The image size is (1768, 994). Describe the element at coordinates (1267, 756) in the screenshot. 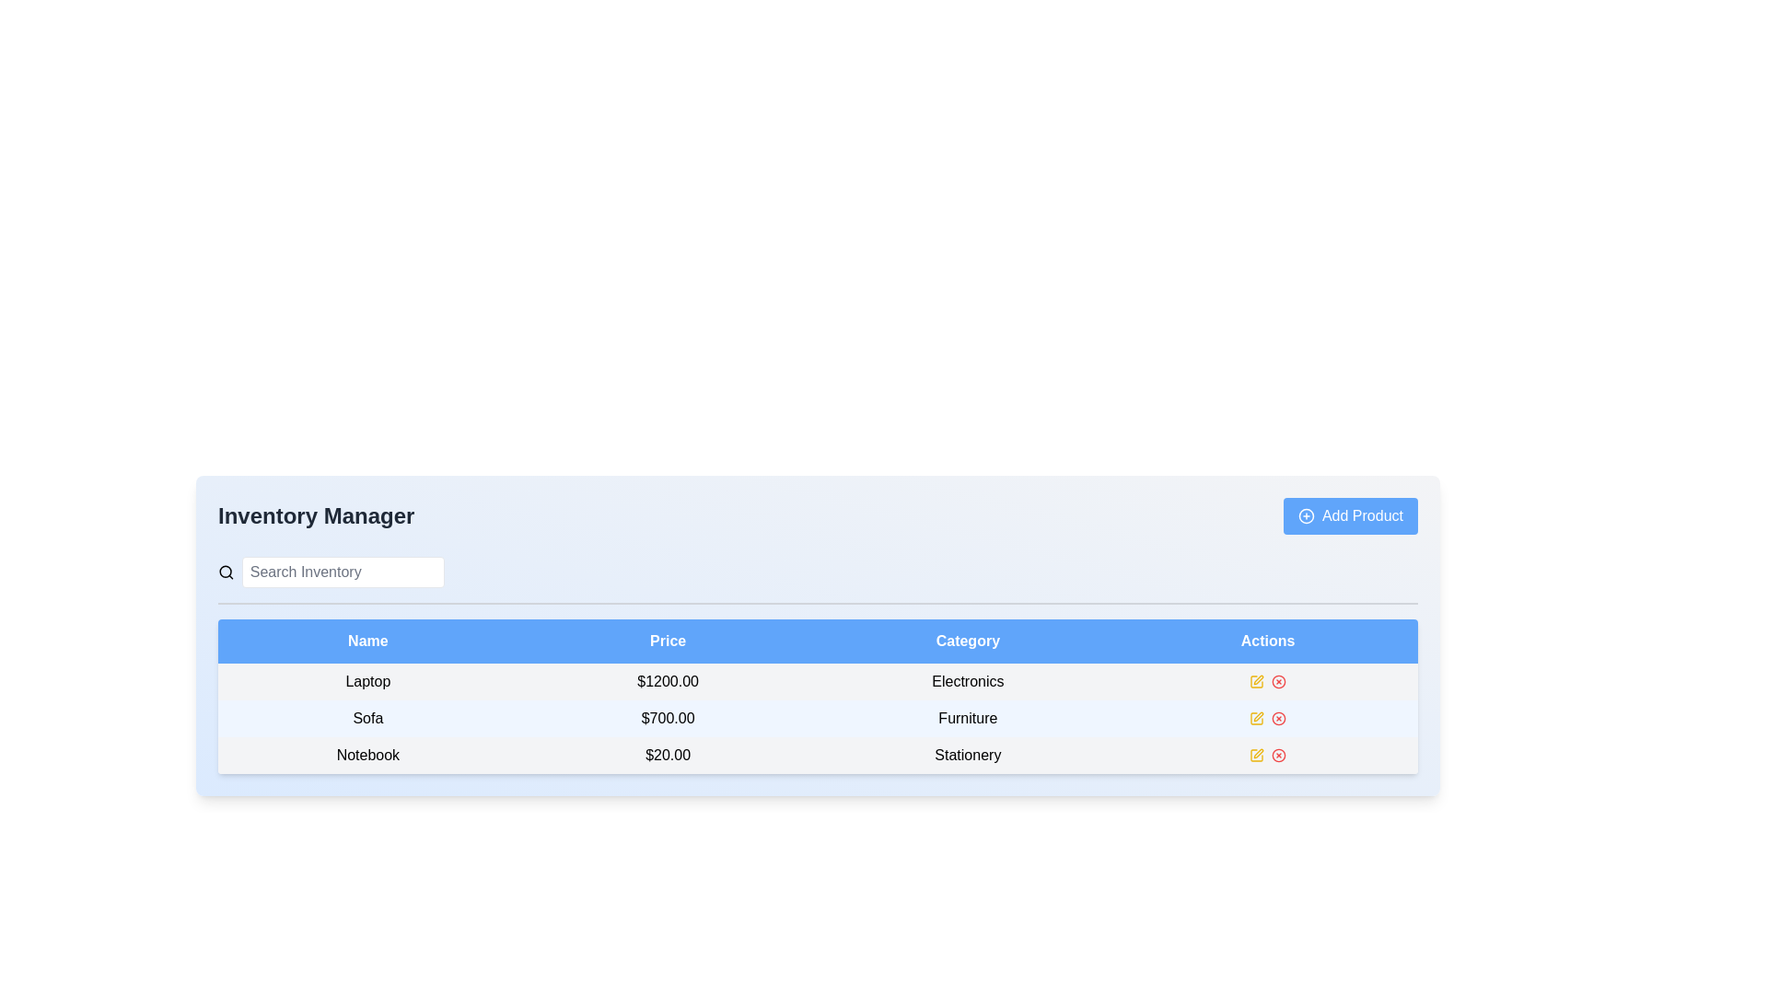

I see `the Icon group in the 'Actions' column of the last row in the table` at that location.